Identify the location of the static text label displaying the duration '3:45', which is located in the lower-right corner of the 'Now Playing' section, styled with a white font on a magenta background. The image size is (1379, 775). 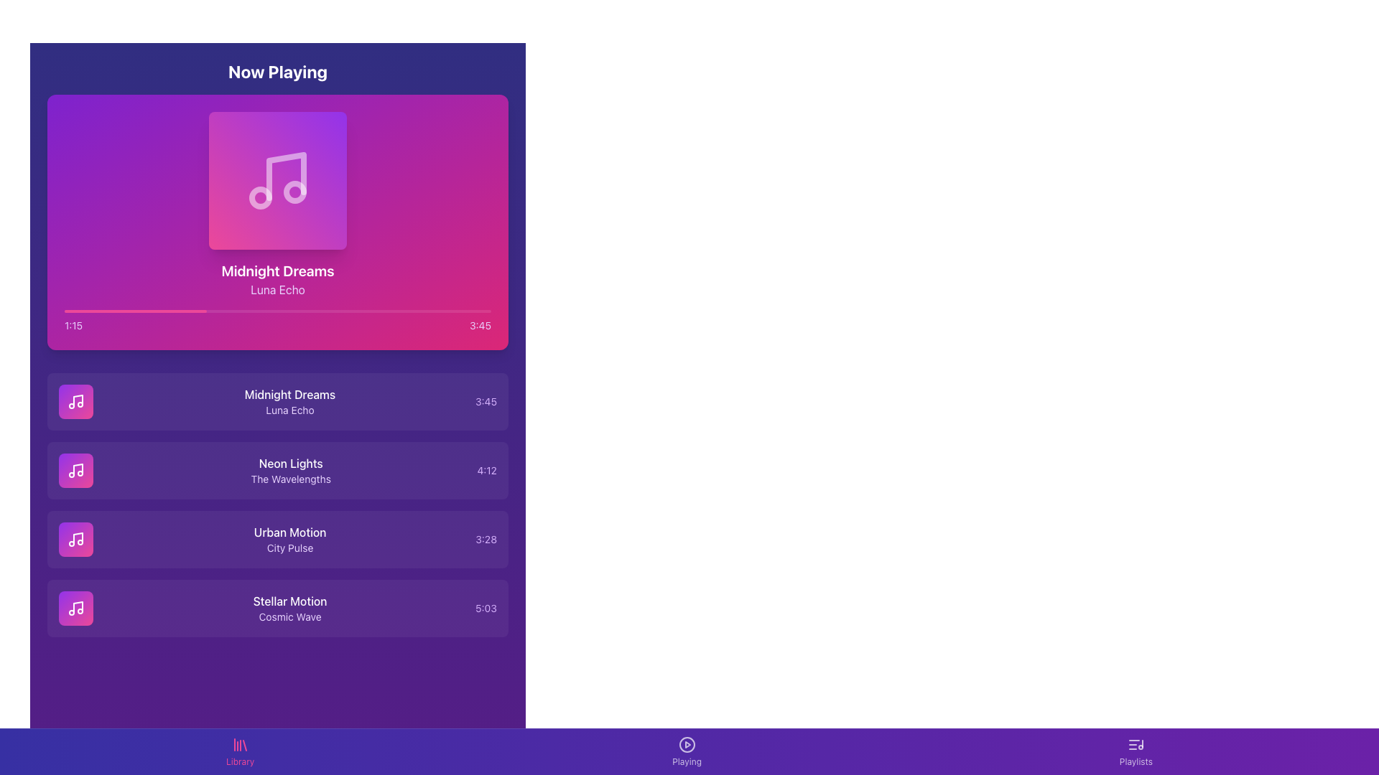
(480, 326).